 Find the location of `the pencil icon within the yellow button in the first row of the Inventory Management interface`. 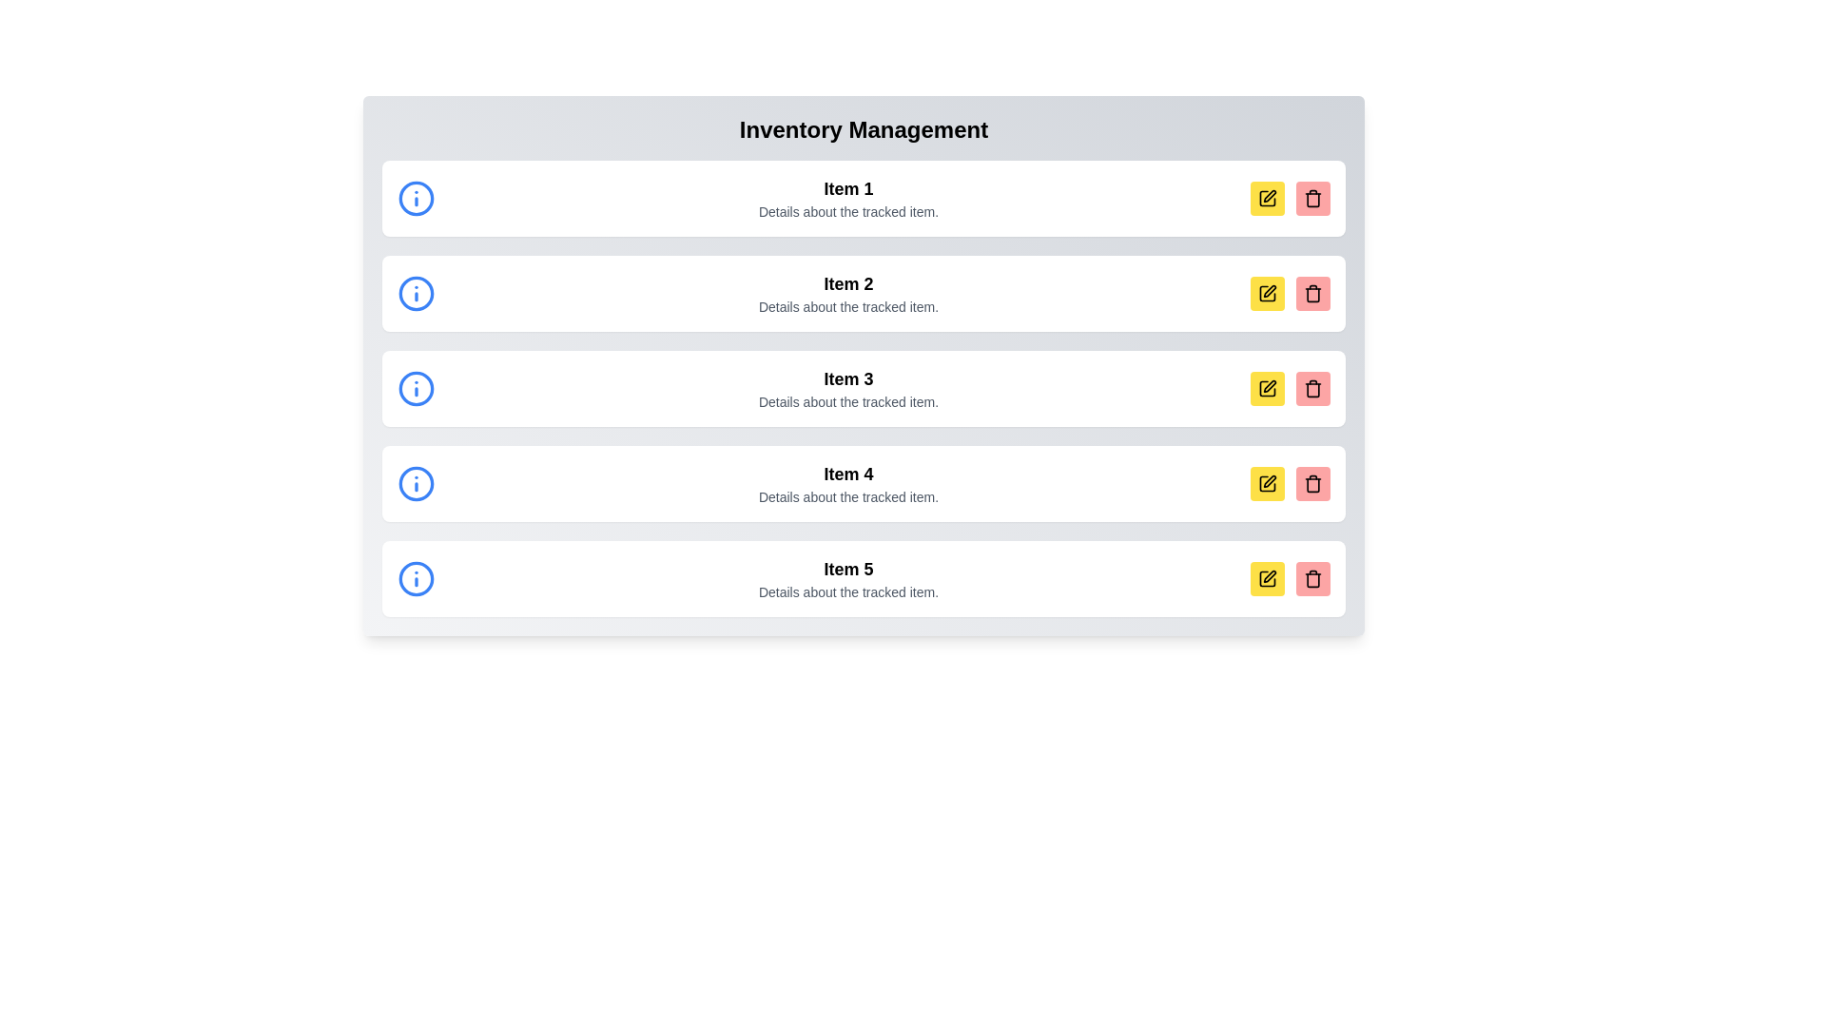

the pencil icon within the yellow button in the first row of the Inventory Management interface is located at coordinates (1268, 198).